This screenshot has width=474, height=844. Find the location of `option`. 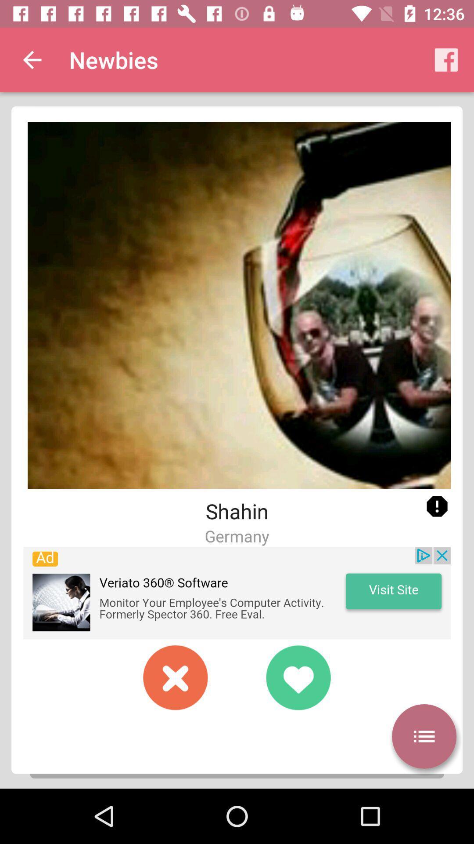

option is located at coordinates (424, 736).